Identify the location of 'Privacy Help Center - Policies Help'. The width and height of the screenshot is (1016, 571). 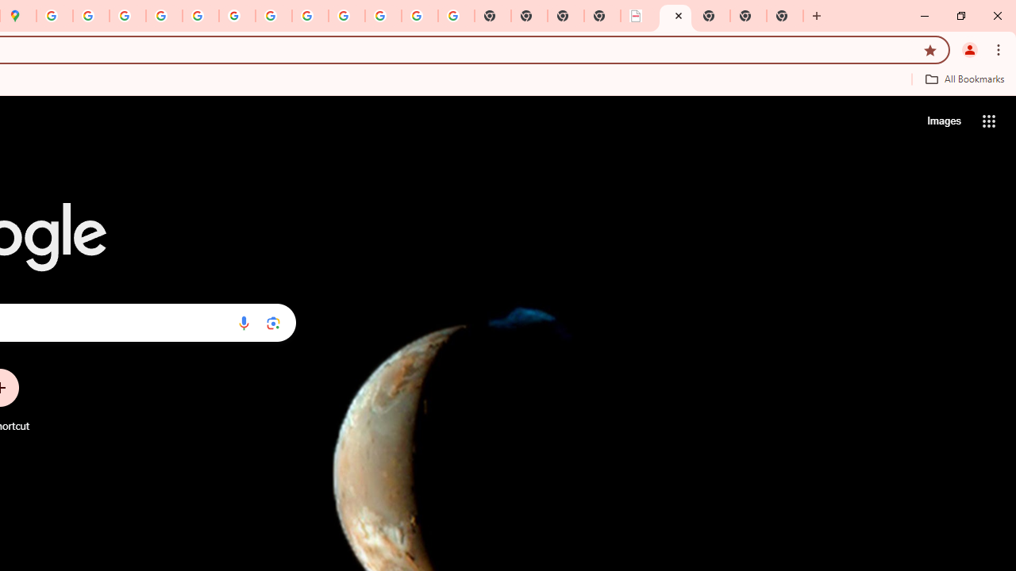
(164, 16).